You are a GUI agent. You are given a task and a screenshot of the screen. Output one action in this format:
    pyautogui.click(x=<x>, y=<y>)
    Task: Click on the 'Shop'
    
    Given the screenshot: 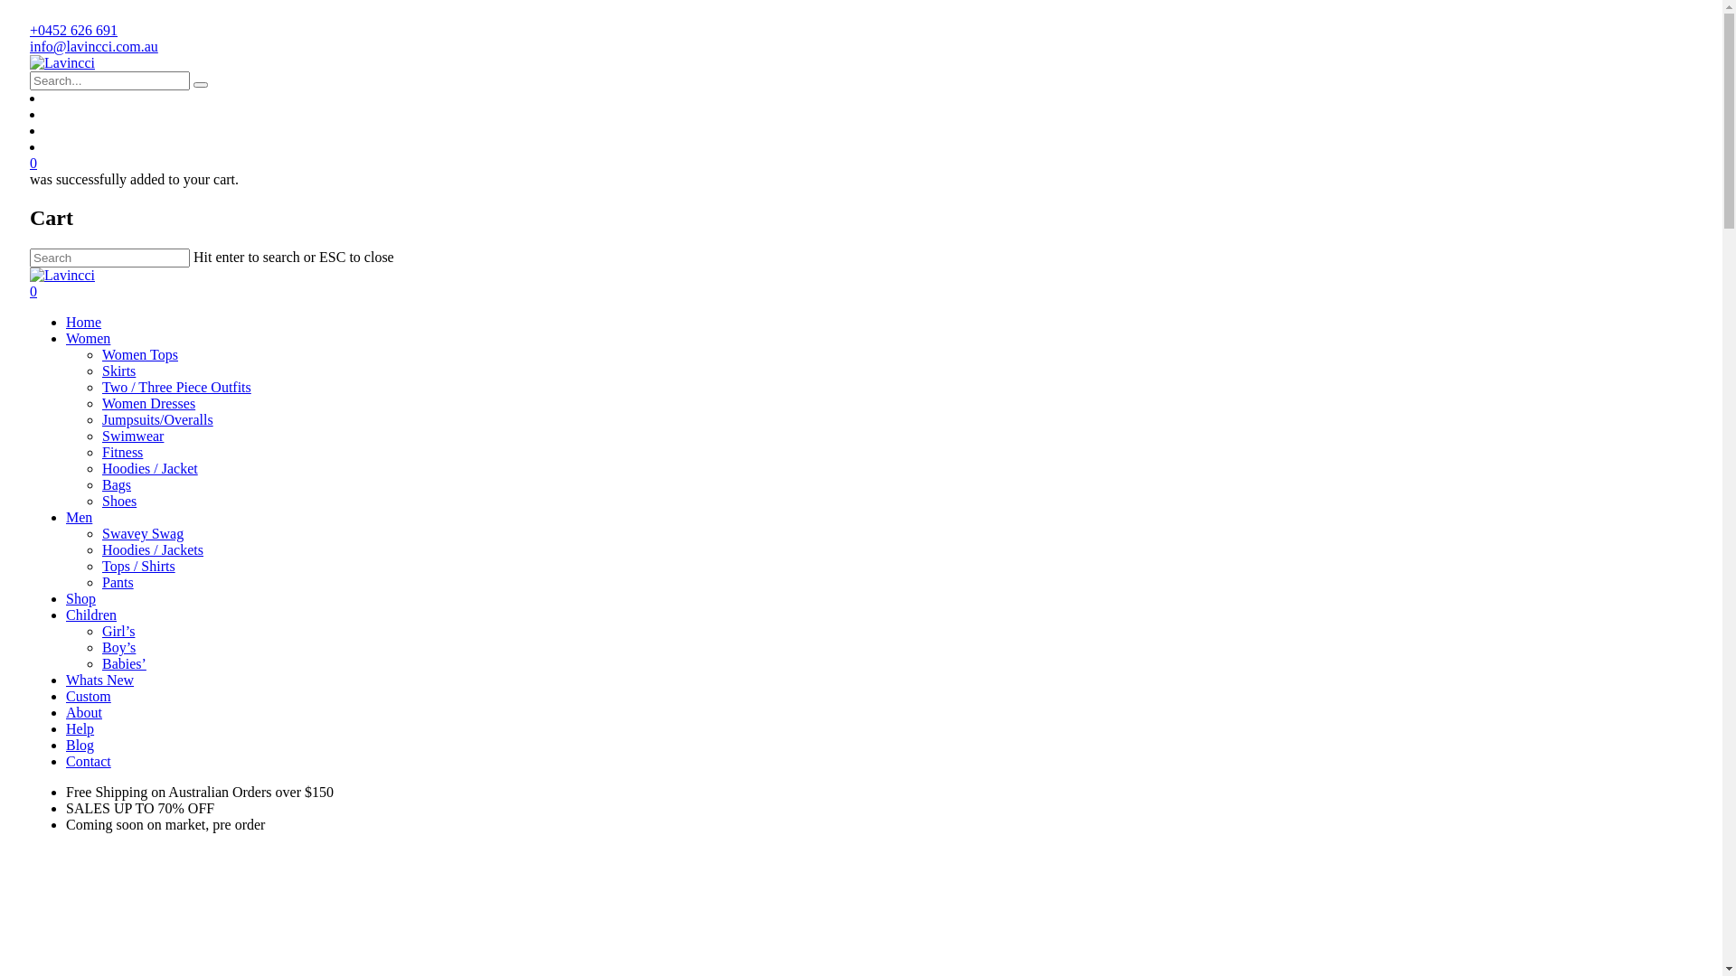 What is the action you would take?
    pyautogui.click(x=80, y=598)
    